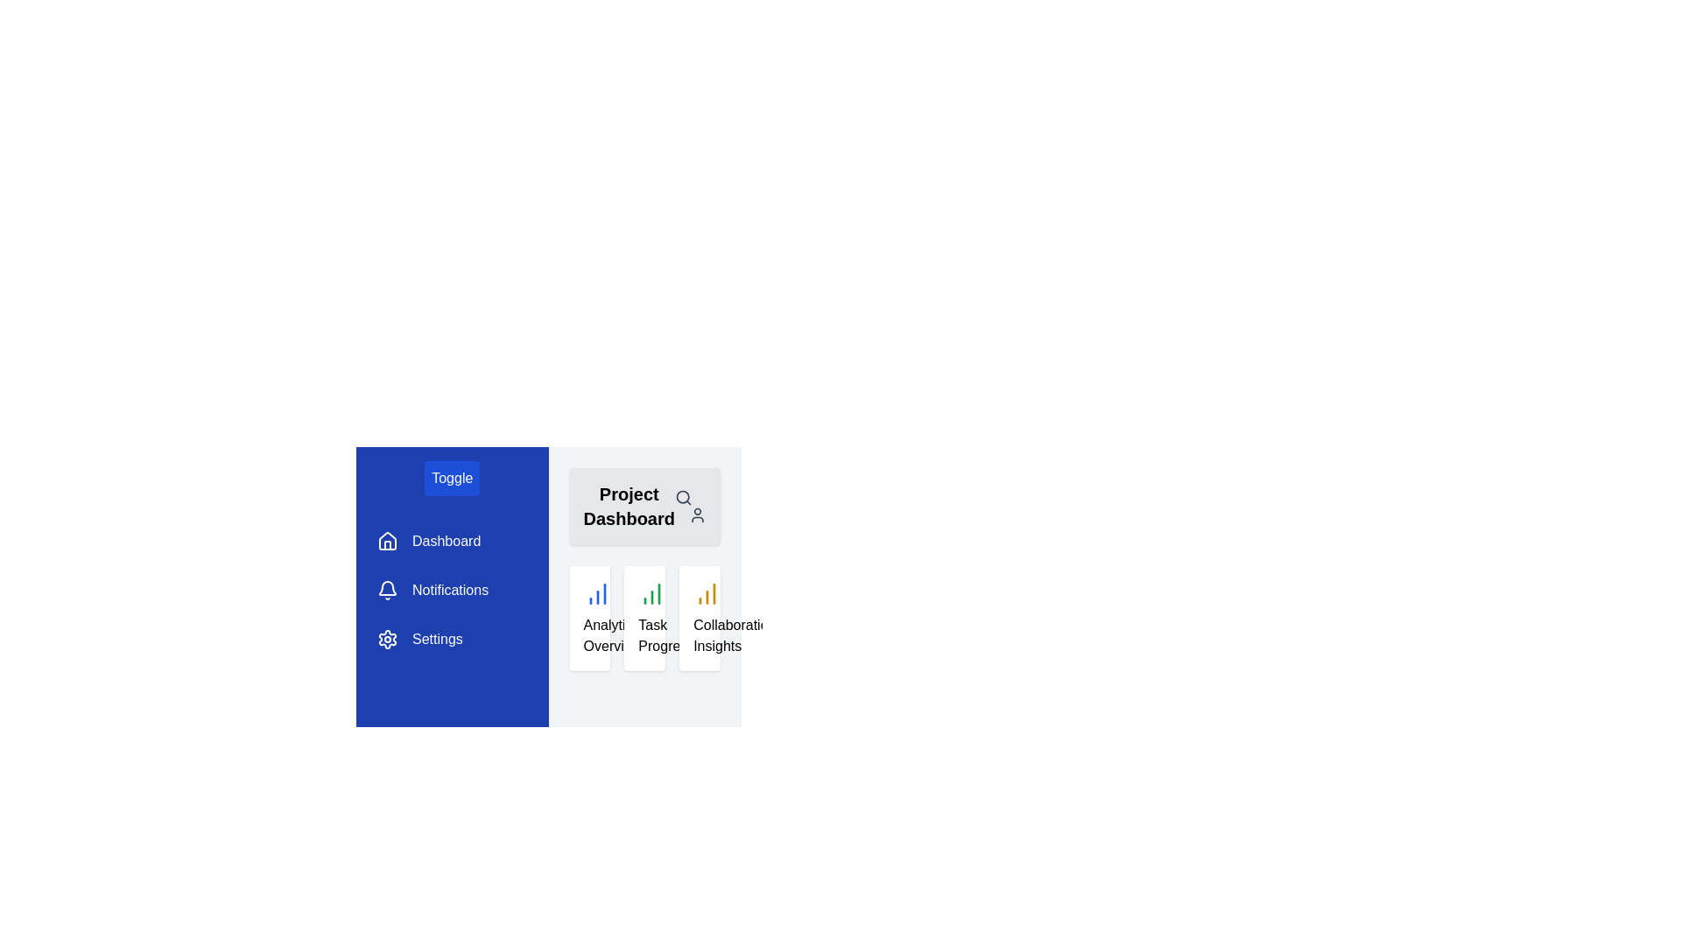 The image size is (1681, 945). What do you see at coordinates (644, 617) in the screenshot?
I see `the second Information Card in the Project Dashboard section, which represents the progress of tasks and is located between the Analytics Overview and Collaboration Insights cards` at bounding box center [644, 617].